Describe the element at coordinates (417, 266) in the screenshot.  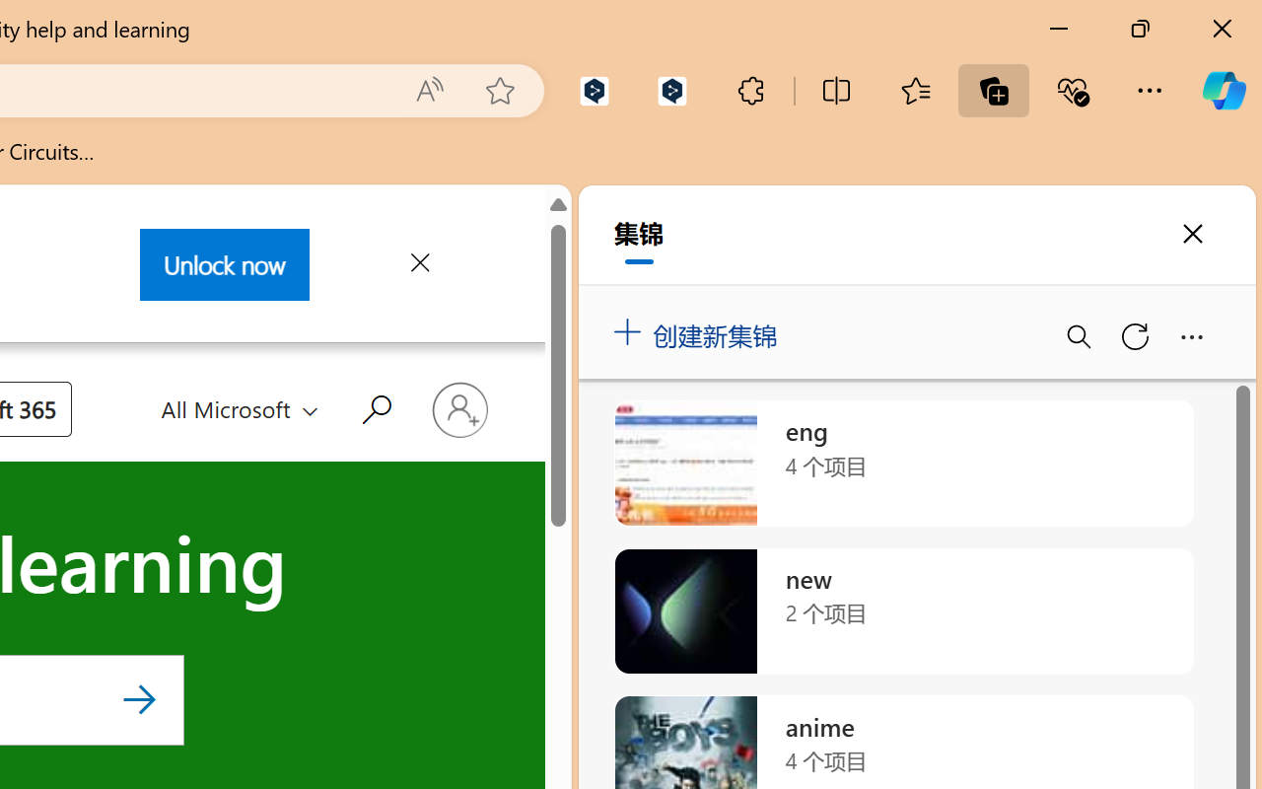
I see `'Close Ad'` at that location.